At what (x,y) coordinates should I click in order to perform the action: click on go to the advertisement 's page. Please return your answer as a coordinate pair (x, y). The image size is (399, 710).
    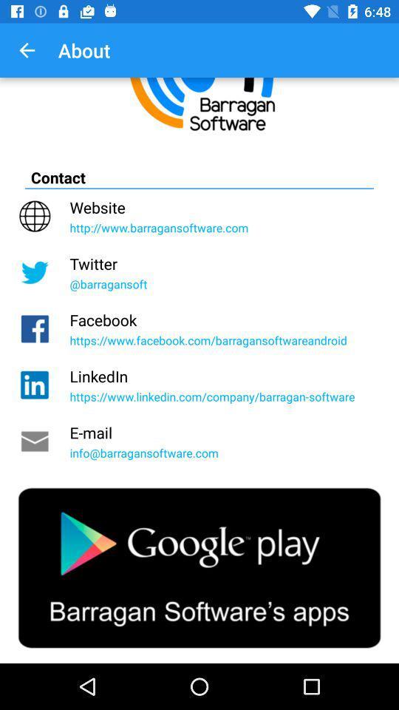
    Looking at the image, I should click on (199, 567).